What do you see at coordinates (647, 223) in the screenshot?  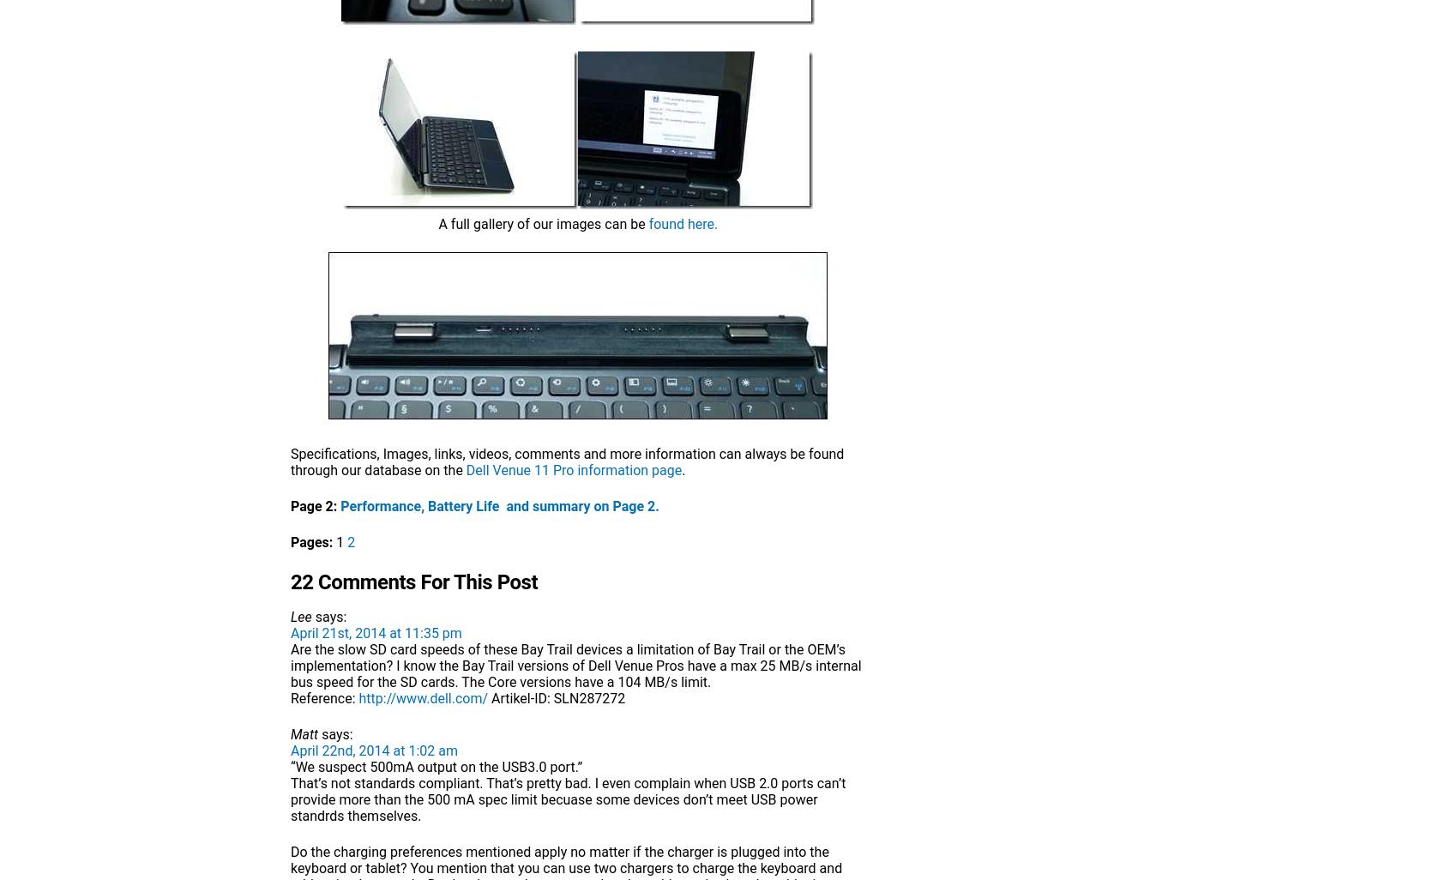 I see `'found here.'` at bounding box center [647, 223].